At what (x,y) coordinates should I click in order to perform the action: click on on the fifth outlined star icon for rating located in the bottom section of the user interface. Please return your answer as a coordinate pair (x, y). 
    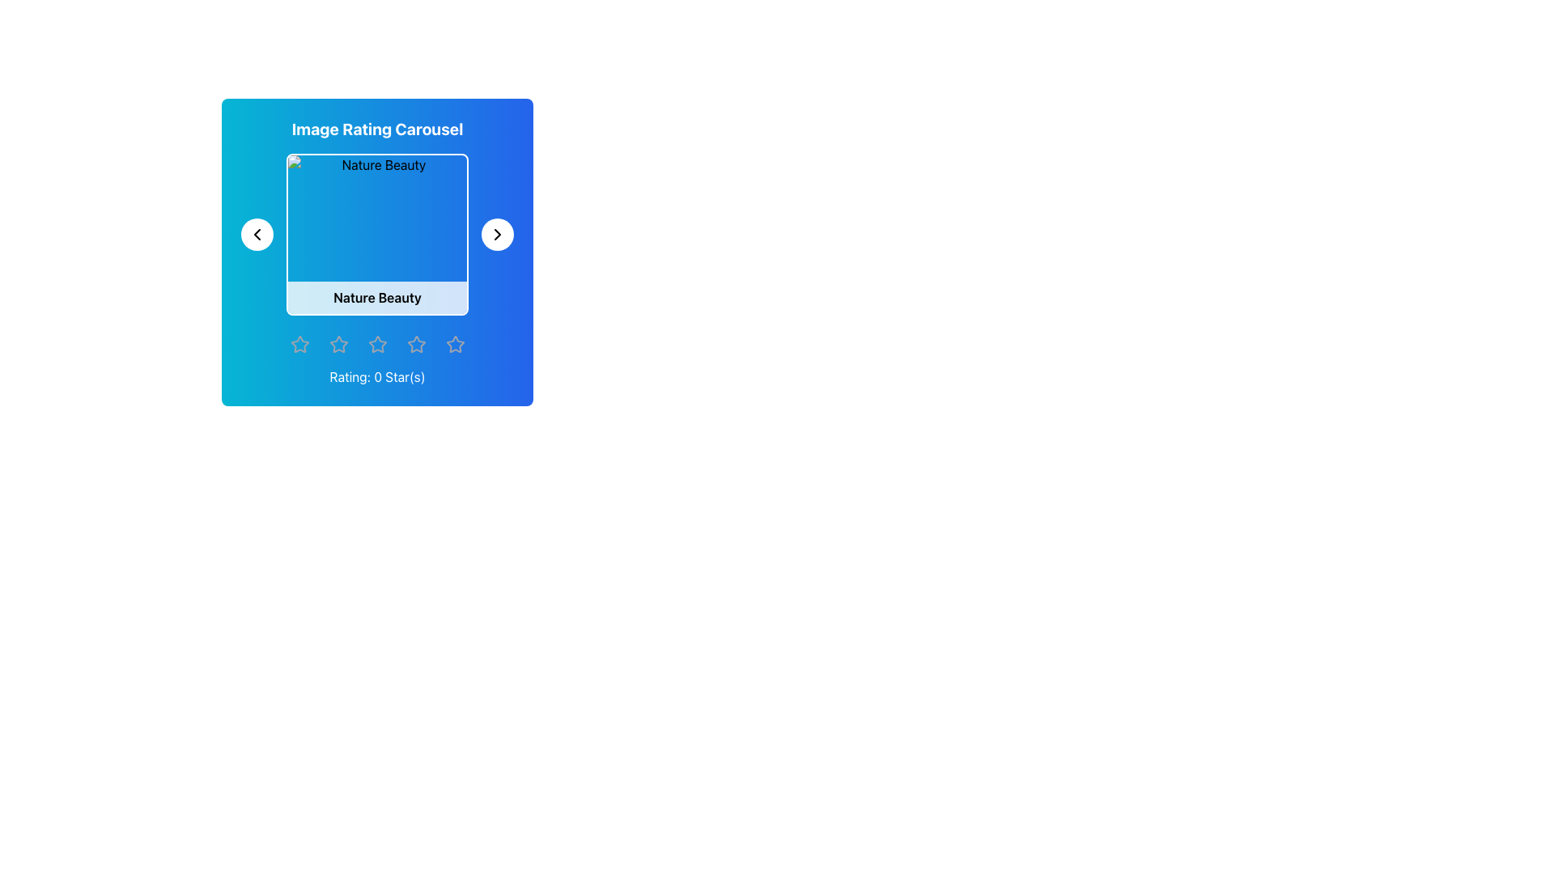
    Looking at the image, I should click on (416, 343).